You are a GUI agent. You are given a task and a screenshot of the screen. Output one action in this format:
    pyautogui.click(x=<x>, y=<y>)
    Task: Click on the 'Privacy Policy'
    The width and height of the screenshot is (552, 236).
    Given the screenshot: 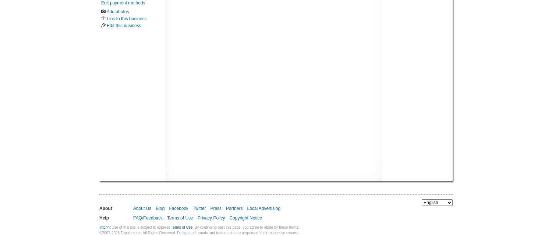 What is the action you would take?
    pyautogui.click(x=210, y=218)
    